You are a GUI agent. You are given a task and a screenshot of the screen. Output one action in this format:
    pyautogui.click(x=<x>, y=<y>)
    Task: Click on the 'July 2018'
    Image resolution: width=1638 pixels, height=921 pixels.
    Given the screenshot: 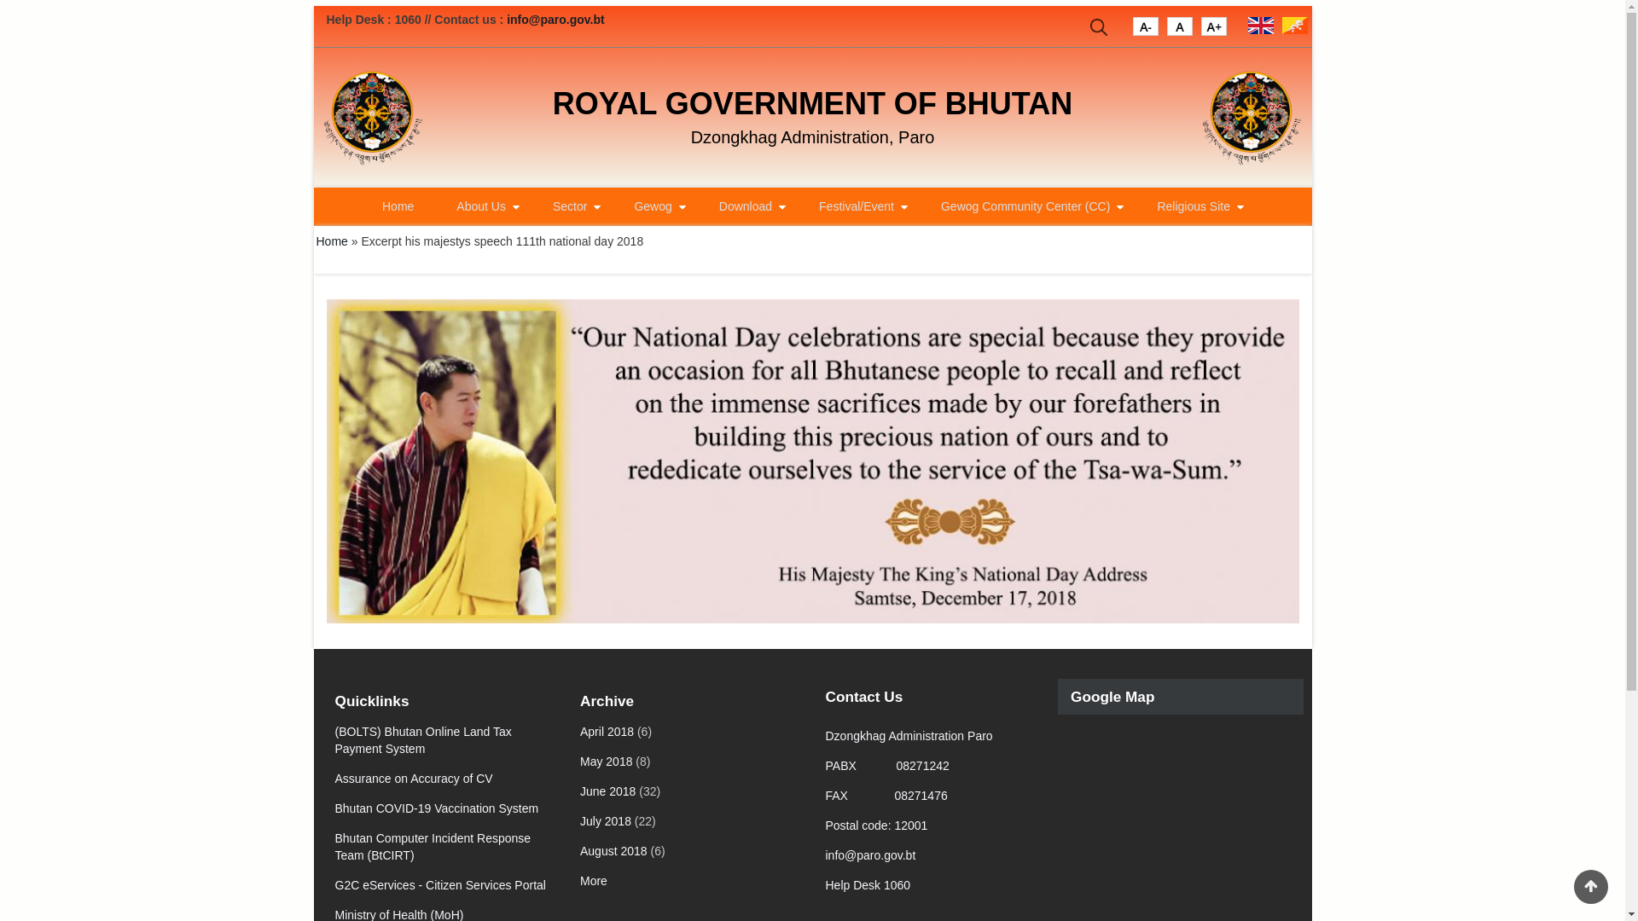 What is the action you would take?
    pyautogui.click(x=580, y=820)
    